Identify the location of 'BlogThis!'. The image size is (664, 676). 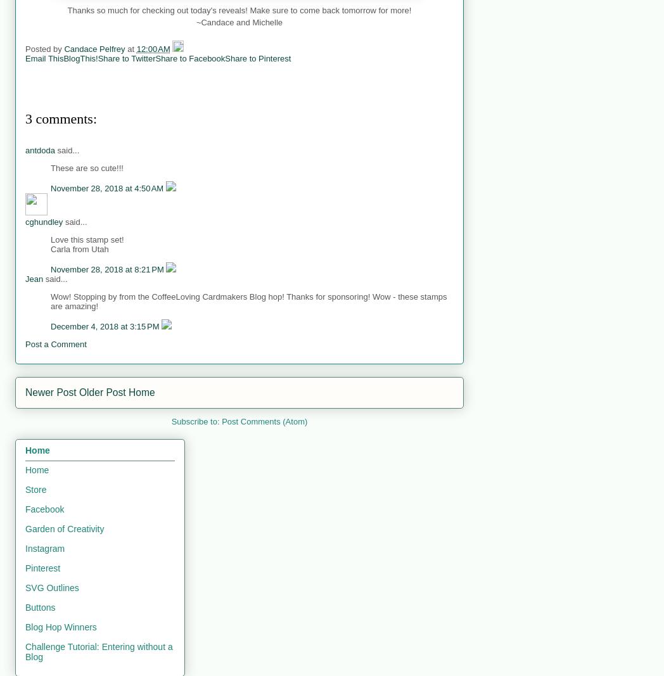
(80, 58).